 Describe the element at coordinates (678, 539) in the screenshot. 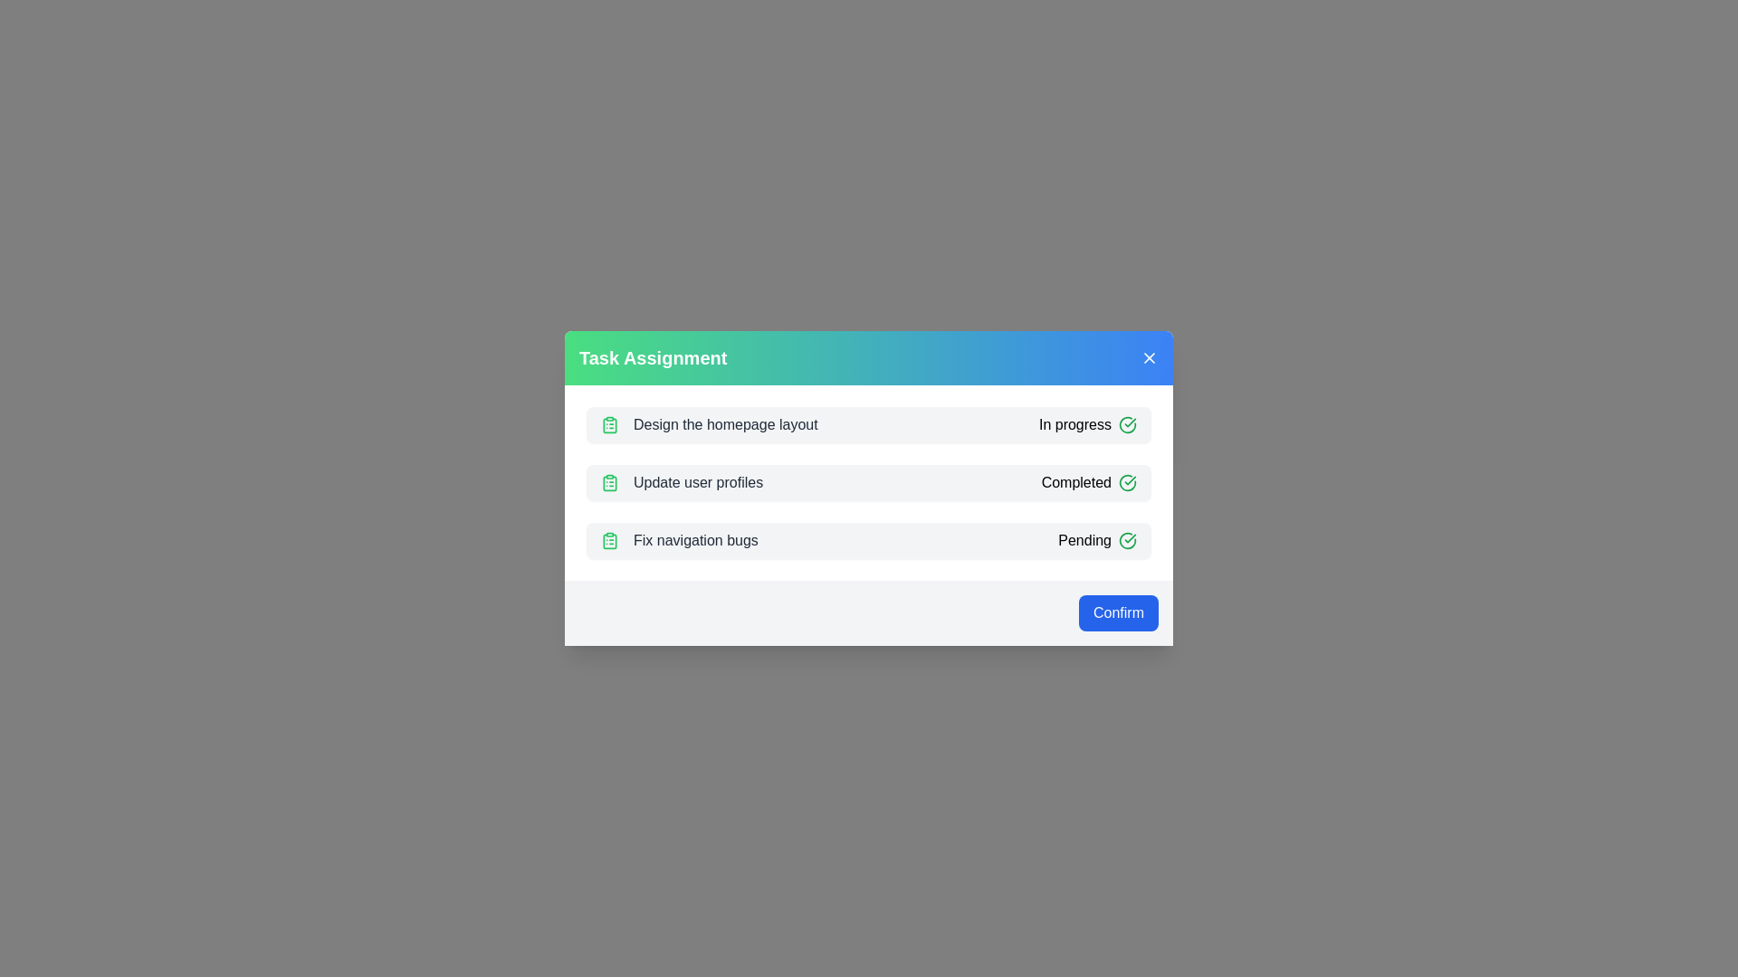

I see `the third task item in the task list interface, which is located between the task titled 'Update user profiles' and the 'Pending' status indicator` at that location.